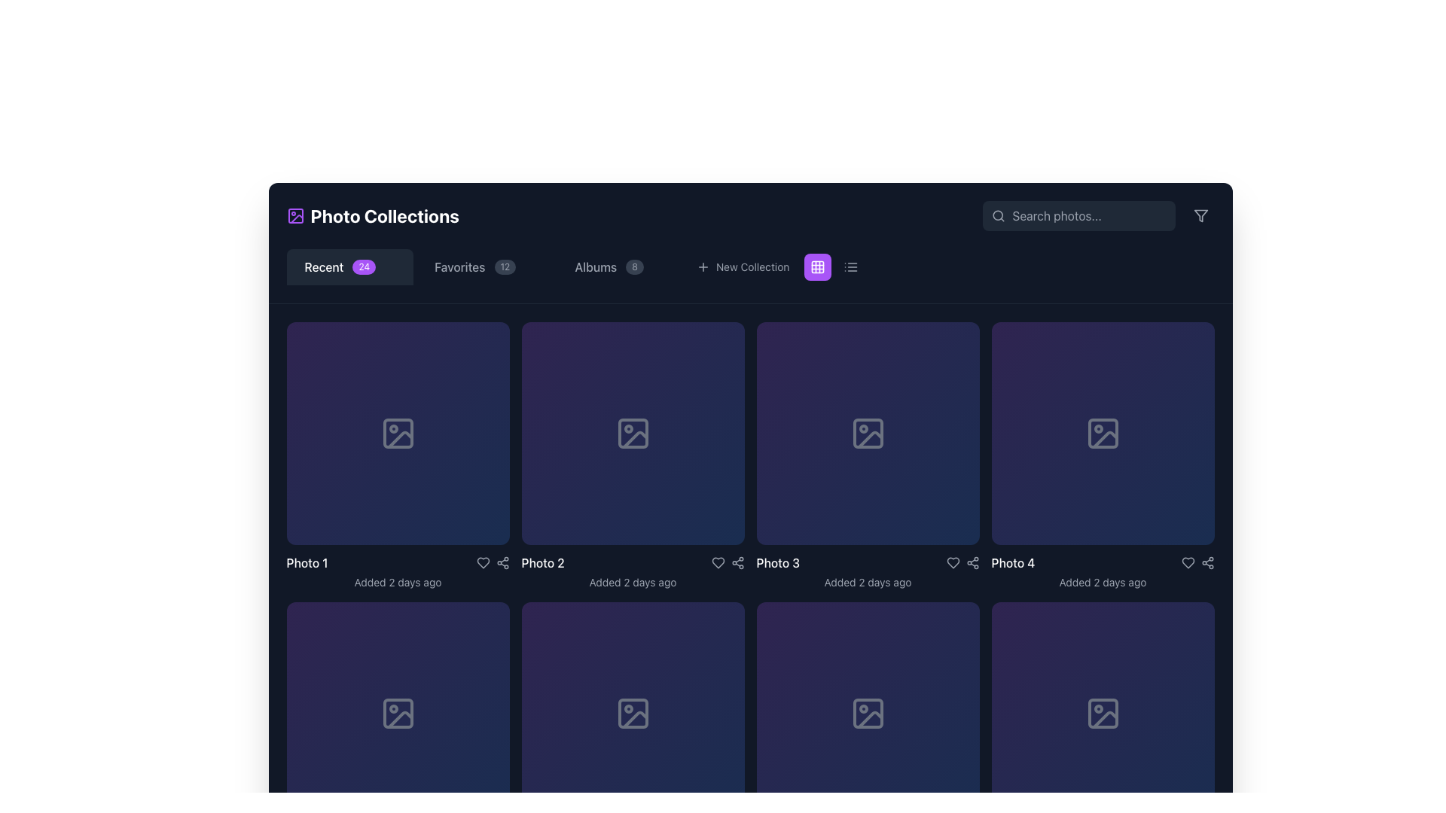 The height and width of the screenshot is (813, 1446). Describe the element at coordinates (295, 215) in the screenshot. I see `the first SVG shape element in the icon located in the top-left corner of the application's header next to the 'Photo Collections' text` at that location.